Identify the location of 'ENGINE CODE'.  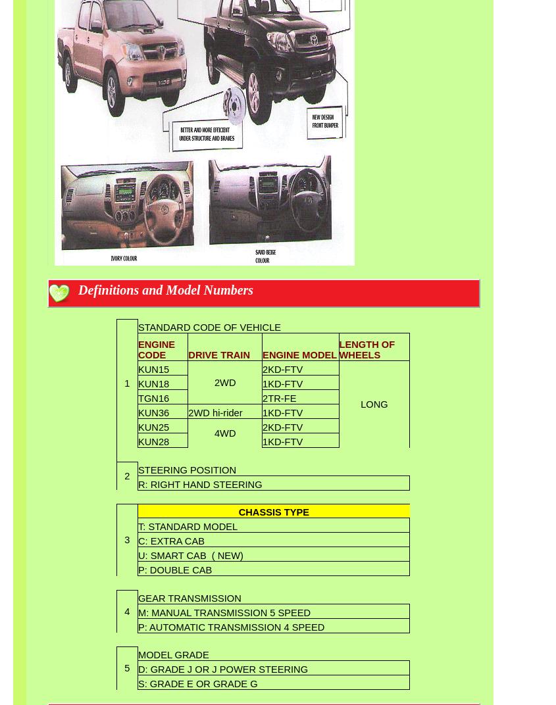
(155, 350).